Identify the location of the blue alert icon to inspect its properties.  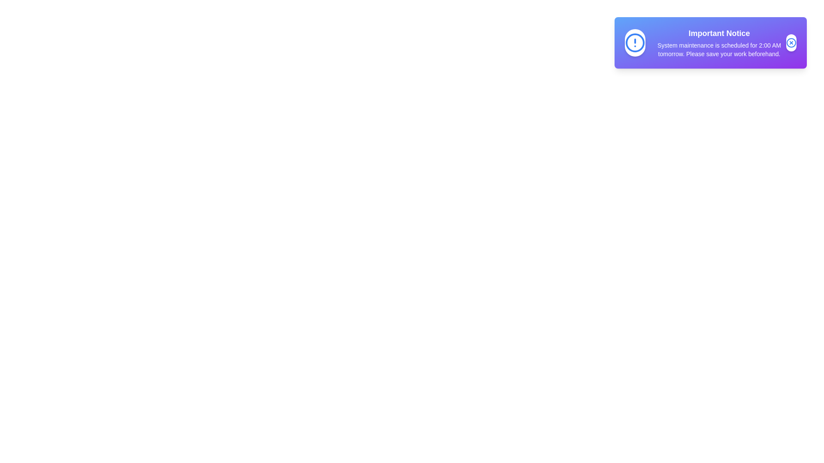
(635, 43).